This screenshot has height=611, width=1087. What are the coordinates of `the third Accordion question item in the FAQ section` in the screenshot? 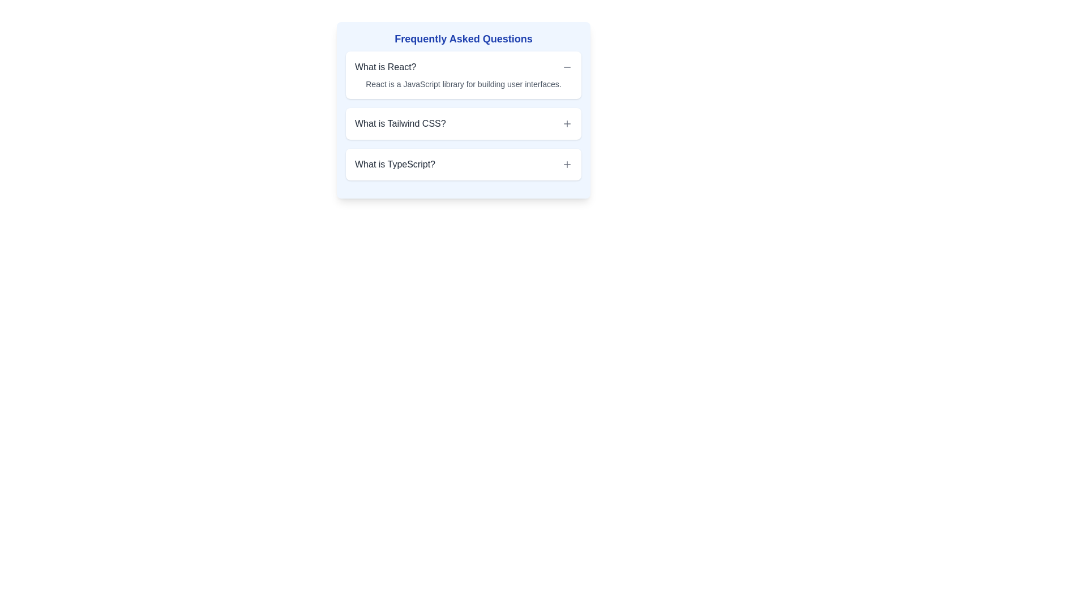 It's located at (464, 164).